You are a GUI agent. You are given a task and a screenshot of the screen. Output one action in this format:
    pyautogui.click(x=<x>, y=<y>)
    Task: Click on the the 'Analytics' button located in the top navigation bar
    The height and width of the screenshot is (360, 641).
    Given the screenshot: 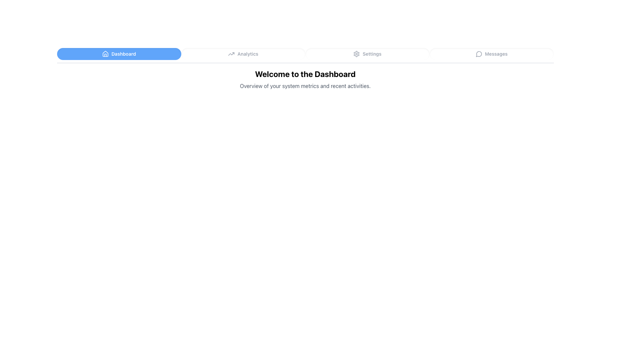 What is the action you would take?
    pyautogui.click(x=243, y=54)
    